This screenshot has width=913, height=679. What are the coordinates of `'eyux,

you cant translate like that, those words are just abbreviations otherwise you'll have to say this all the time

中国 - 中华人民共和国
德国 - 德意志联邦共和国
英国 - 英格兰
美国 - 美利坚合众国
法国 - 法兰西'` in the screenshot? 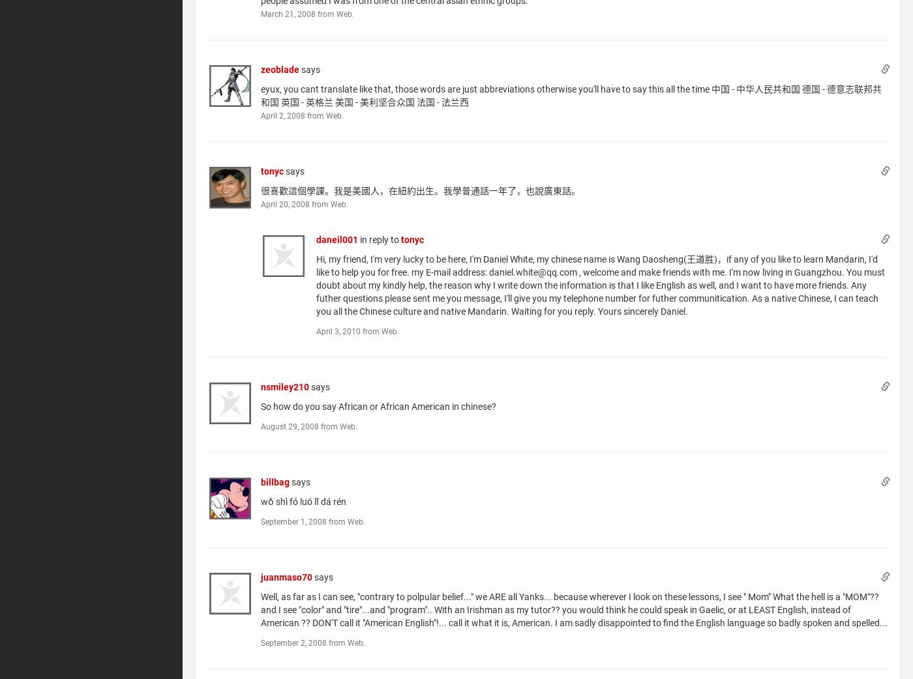 It's located at (571, 94).